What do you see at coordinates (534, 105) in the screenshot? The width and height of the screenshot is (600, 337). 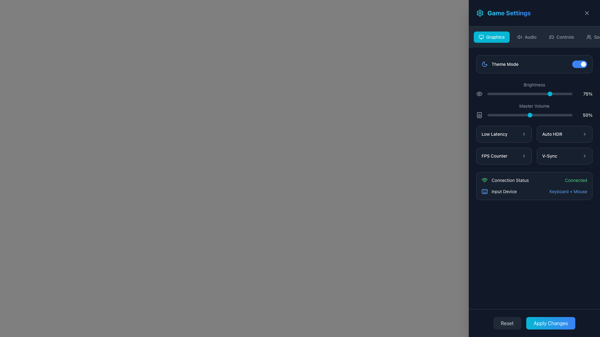 I see `the 'Master Volume' text label, which is part of the volume control interface and visually blends with the dark gray background` at bounding box center [534, 105].